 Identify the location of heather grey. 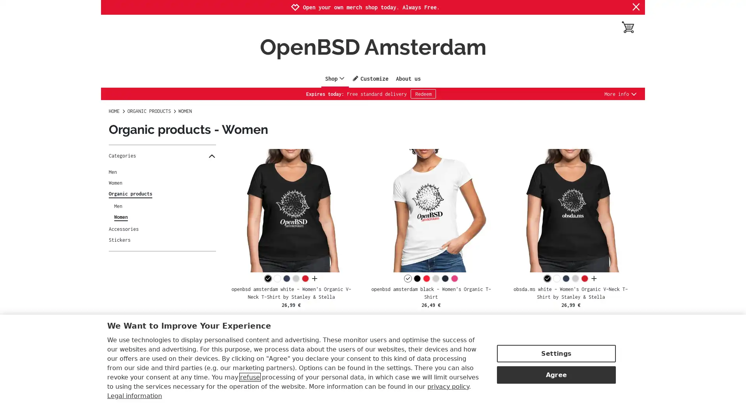
(436, 278).